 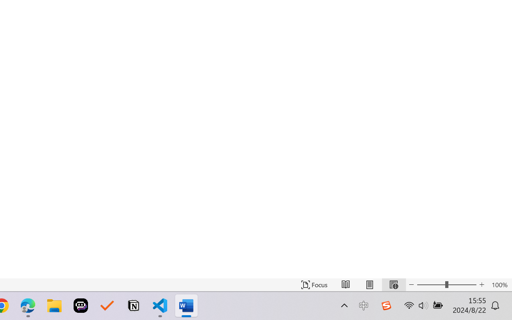 What do you see at coordinates (446, 284) in the screenshot?
I see `'Zoom'` at bounding box center [446, 284].